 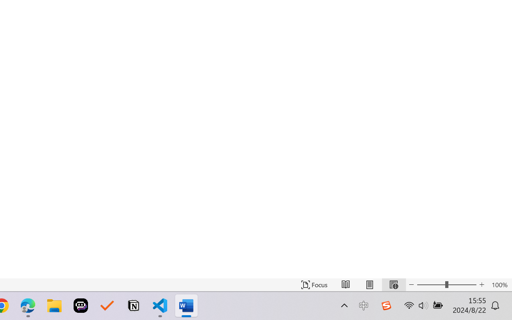 What do you see at coordinates (446, 284) in the screenshot?
I see `'Zoom'` at bounding box center [446, 284].